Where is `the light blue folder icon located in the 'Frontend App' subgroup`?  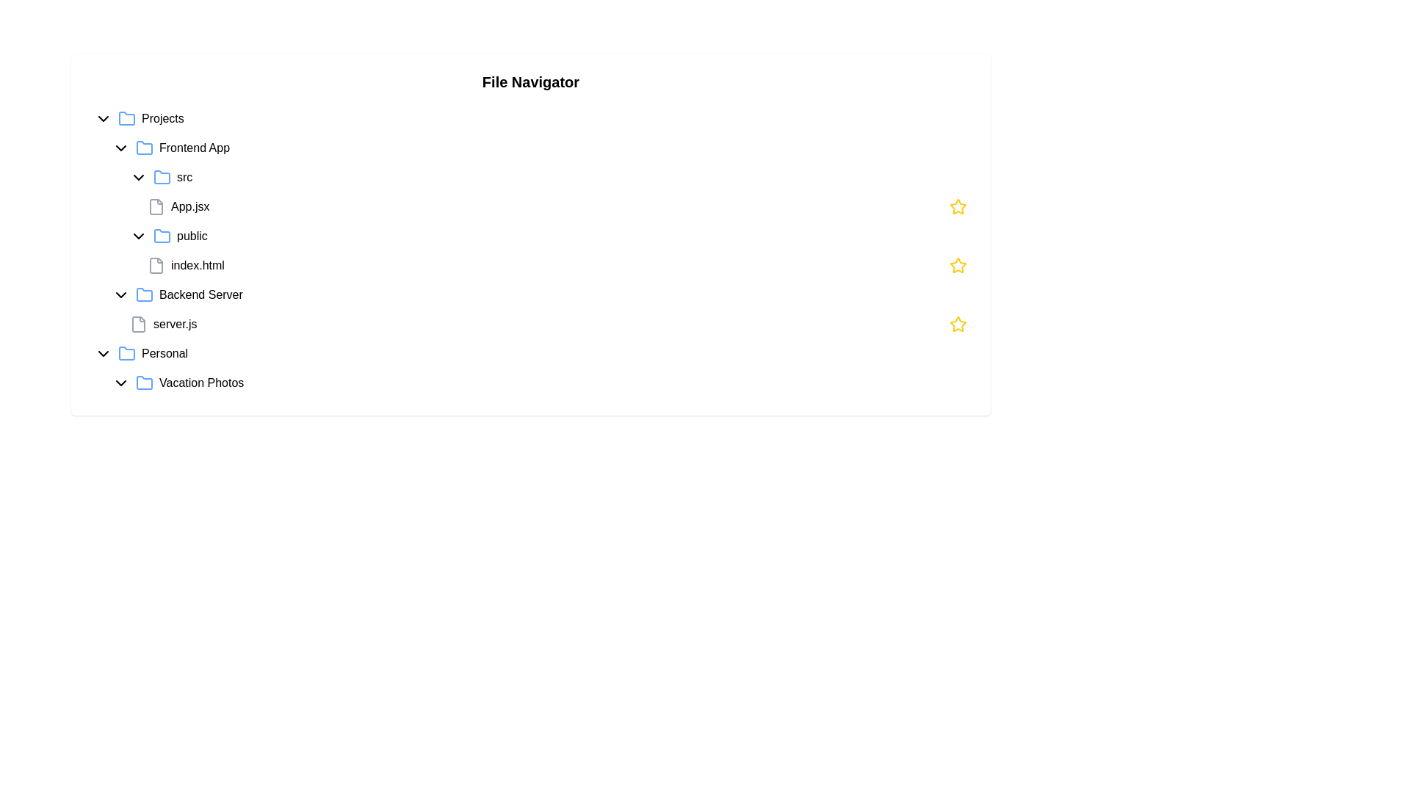 the light blue folder icon located in the 'Frontend App' subgroup is located at coordinates (144, 147).